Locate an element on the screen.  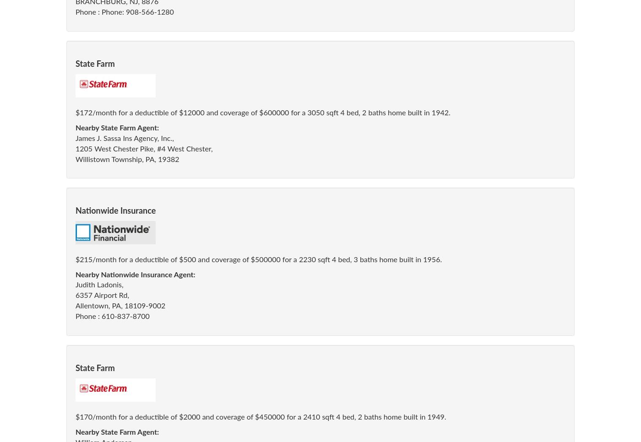
'Allentown, 
	 
	
	
		PA, 
	 
	
	
		18109-9002' is located at coordinates (120, 306).